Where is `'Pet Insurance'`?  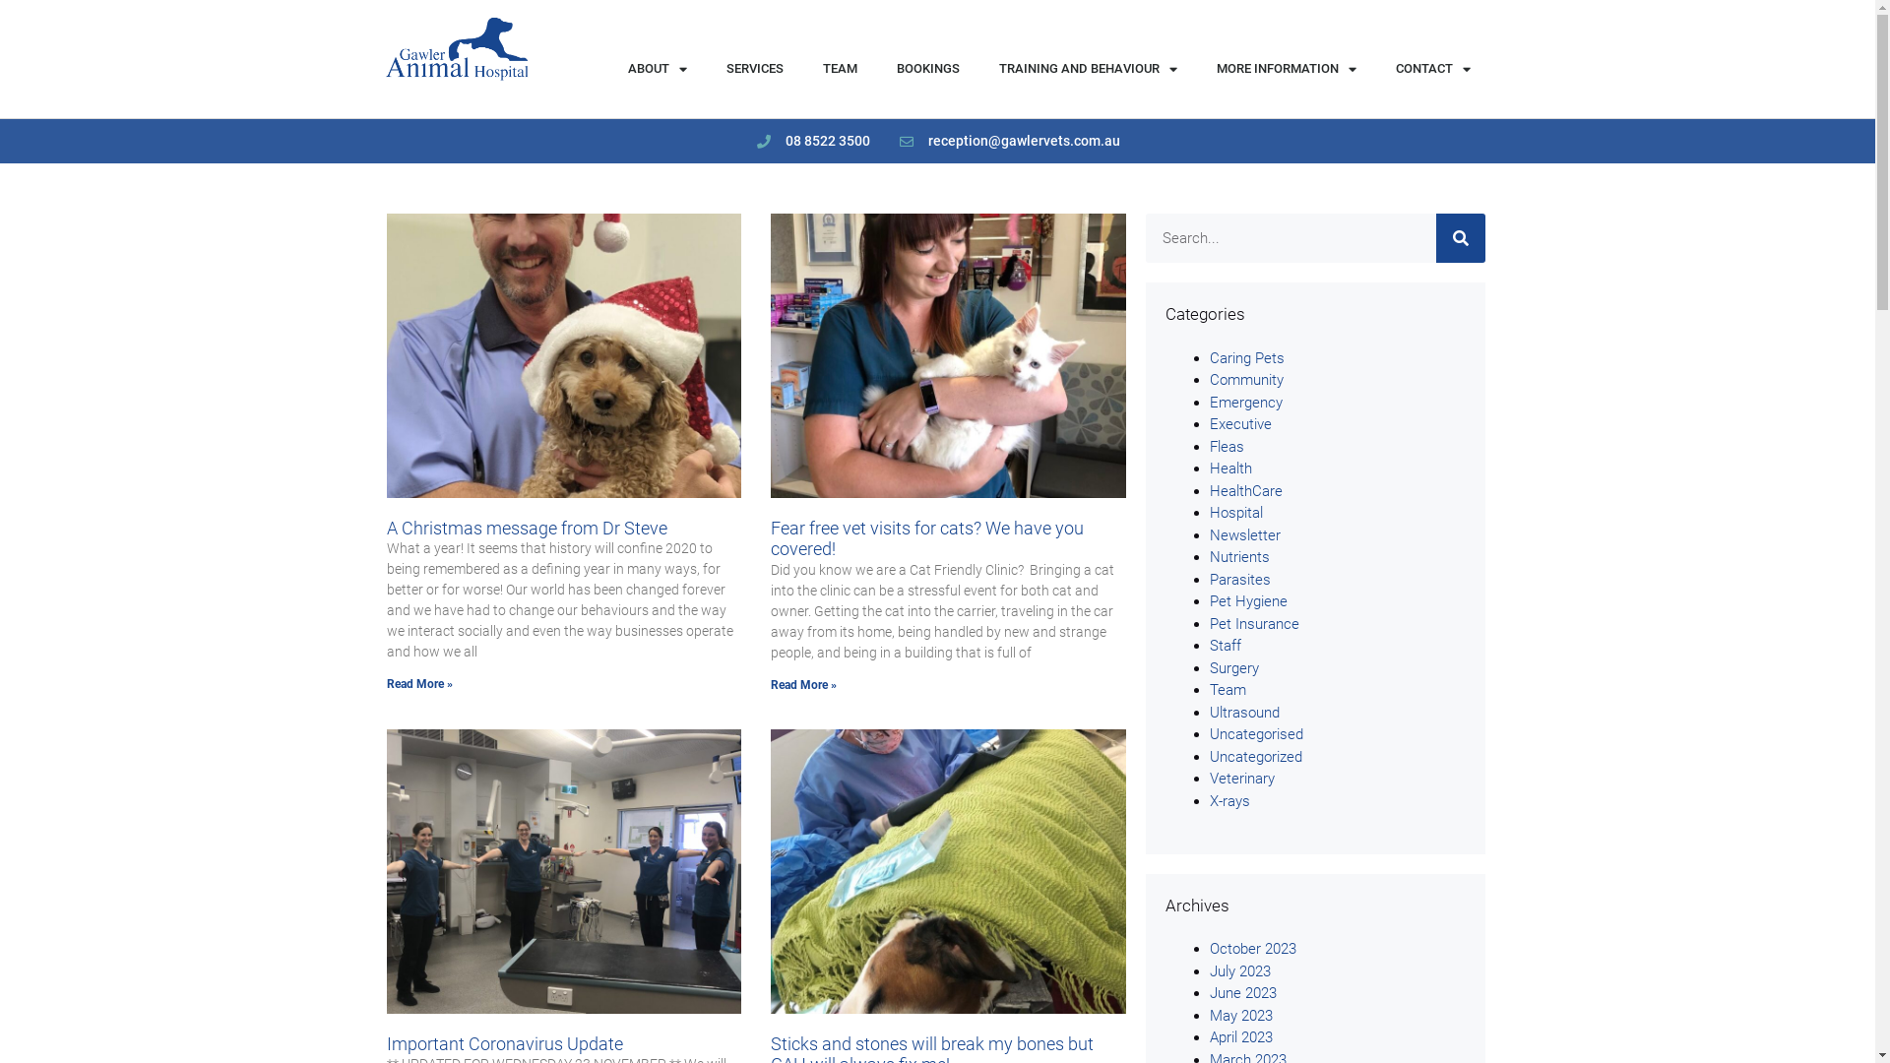
'Pet Insurance' is located at coordinates (1253, 622).